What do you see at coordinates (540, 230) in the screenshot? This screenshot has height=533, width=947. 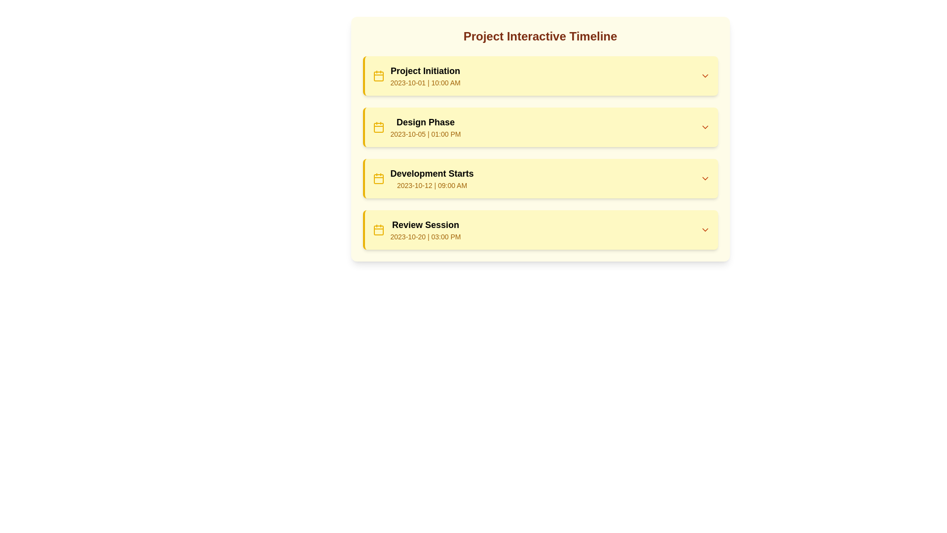 I see `the rounded yellow card titled 'Review Session' that is located in the fourth position under 'Project Interactive Timeline'` at bounding box center [540, 230].